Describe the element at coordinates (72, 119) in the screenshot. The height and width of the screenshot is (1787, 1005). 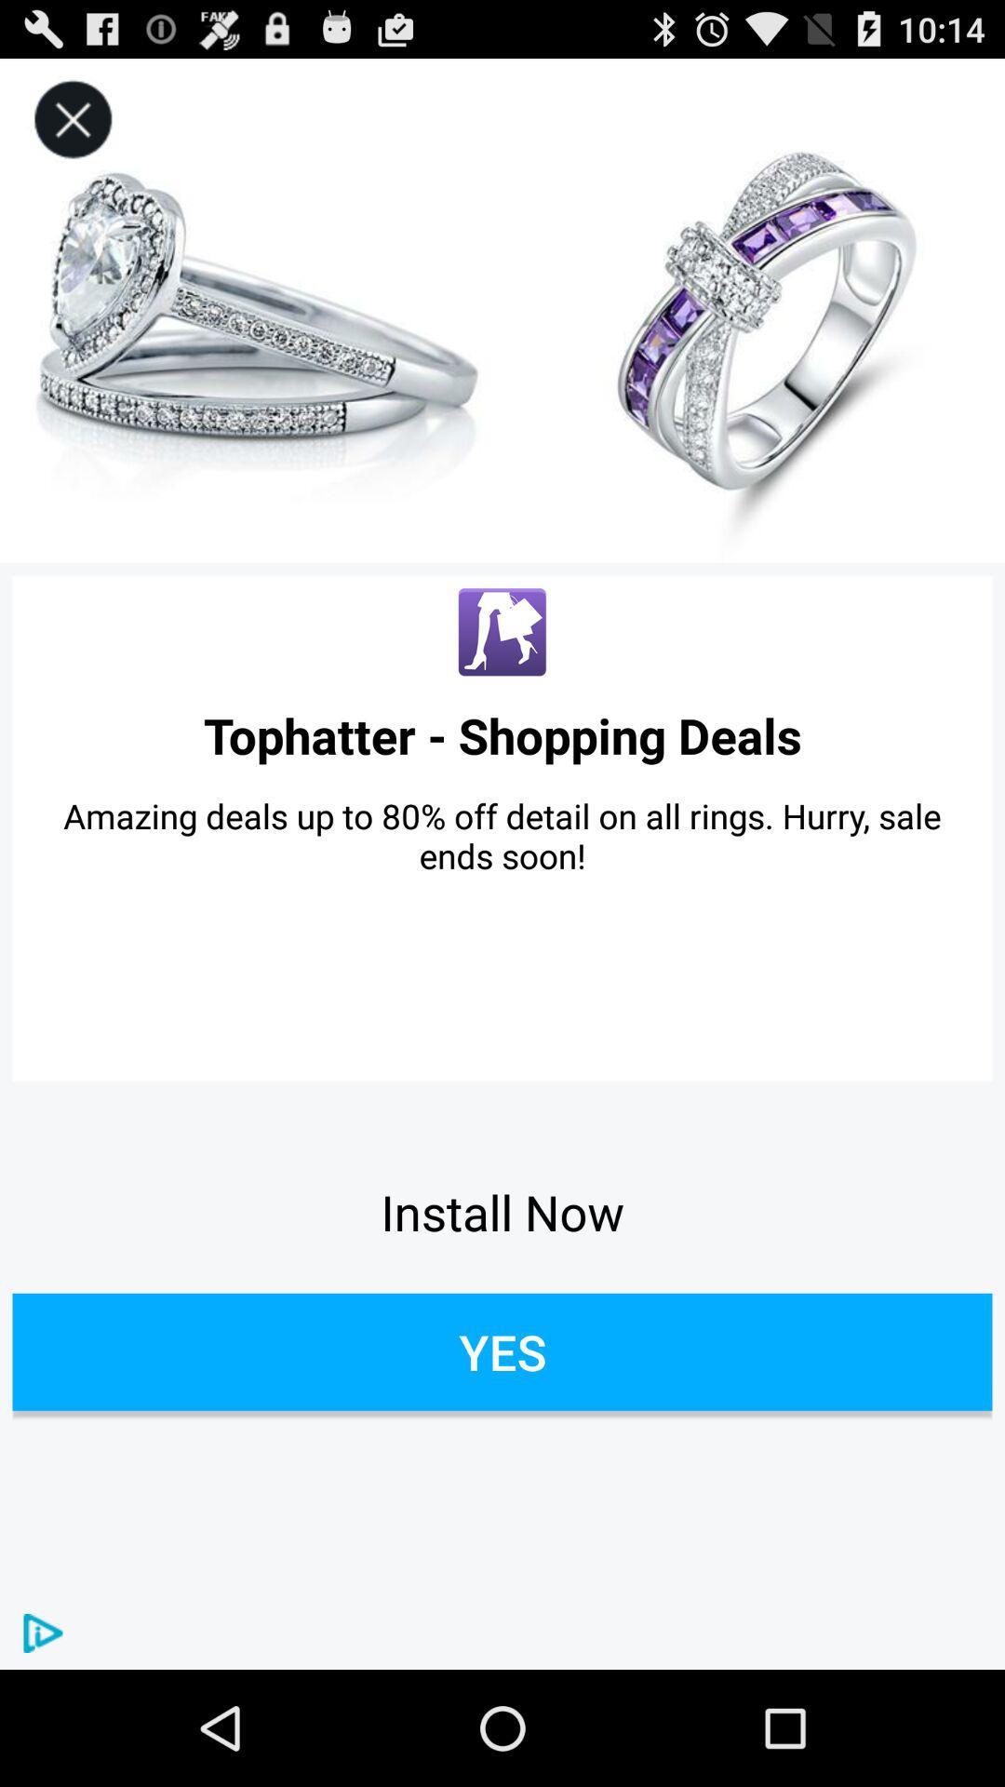
I see `the icon at the top left corner` at that location.